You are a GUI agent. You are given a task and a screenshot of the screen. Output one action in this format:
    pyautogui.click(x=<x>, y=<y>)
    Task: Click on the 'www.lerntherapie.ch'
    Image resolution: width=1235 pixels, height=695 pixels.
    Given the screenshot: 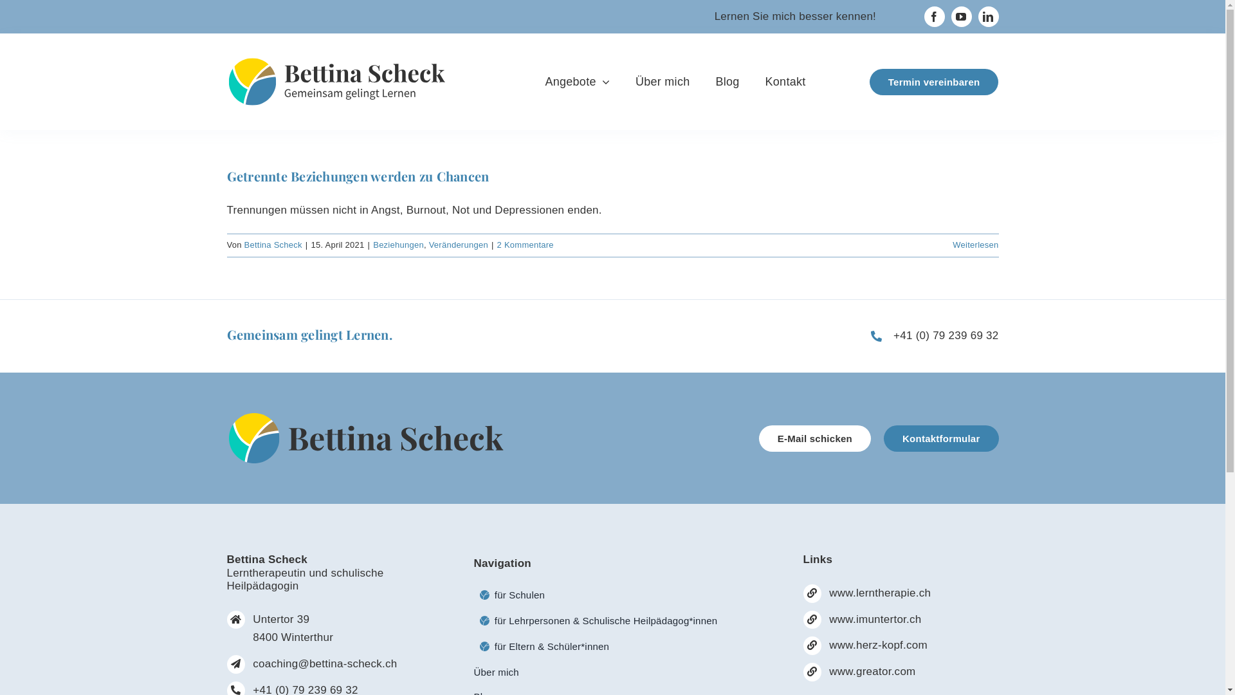 What is the action you would take?
    pyautogui.click(x=879, y=593)
    